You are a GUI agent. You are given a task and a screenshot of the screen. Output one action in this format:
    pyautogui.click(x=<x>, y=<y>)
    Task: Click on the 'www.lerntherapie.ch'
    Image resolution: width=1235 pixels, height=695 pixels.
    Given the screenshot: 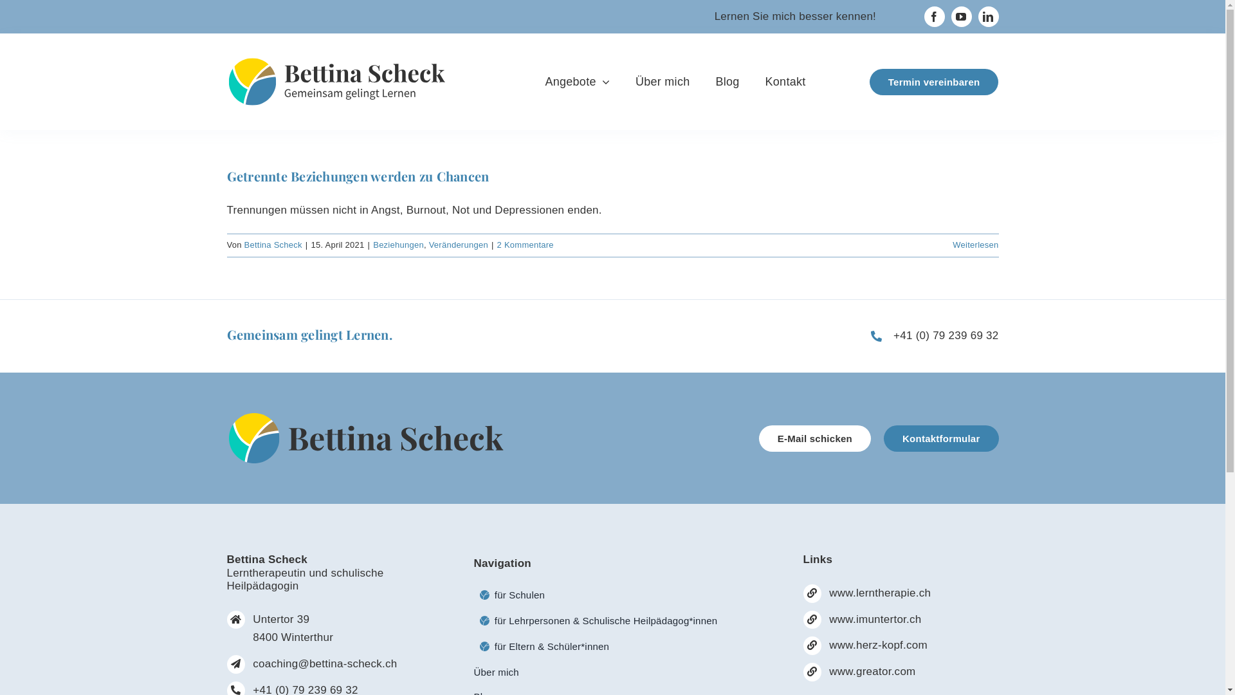 What is the action you would take?
    pyautogui.click(x=879, y=593)
    